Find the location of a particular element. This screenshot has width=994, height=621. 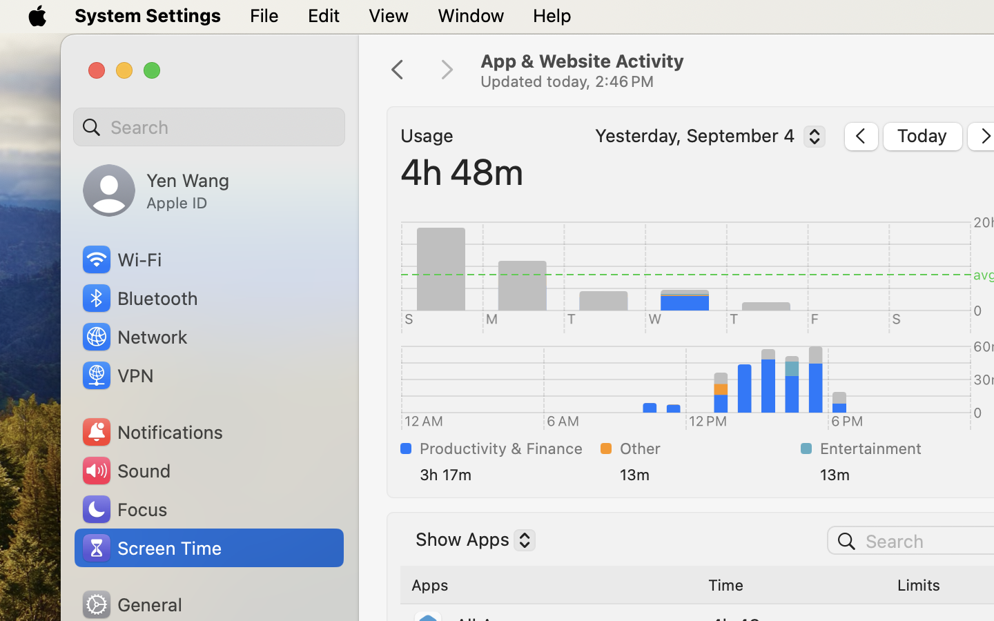

'Bluetooth' is located at coordinates (139, 298).